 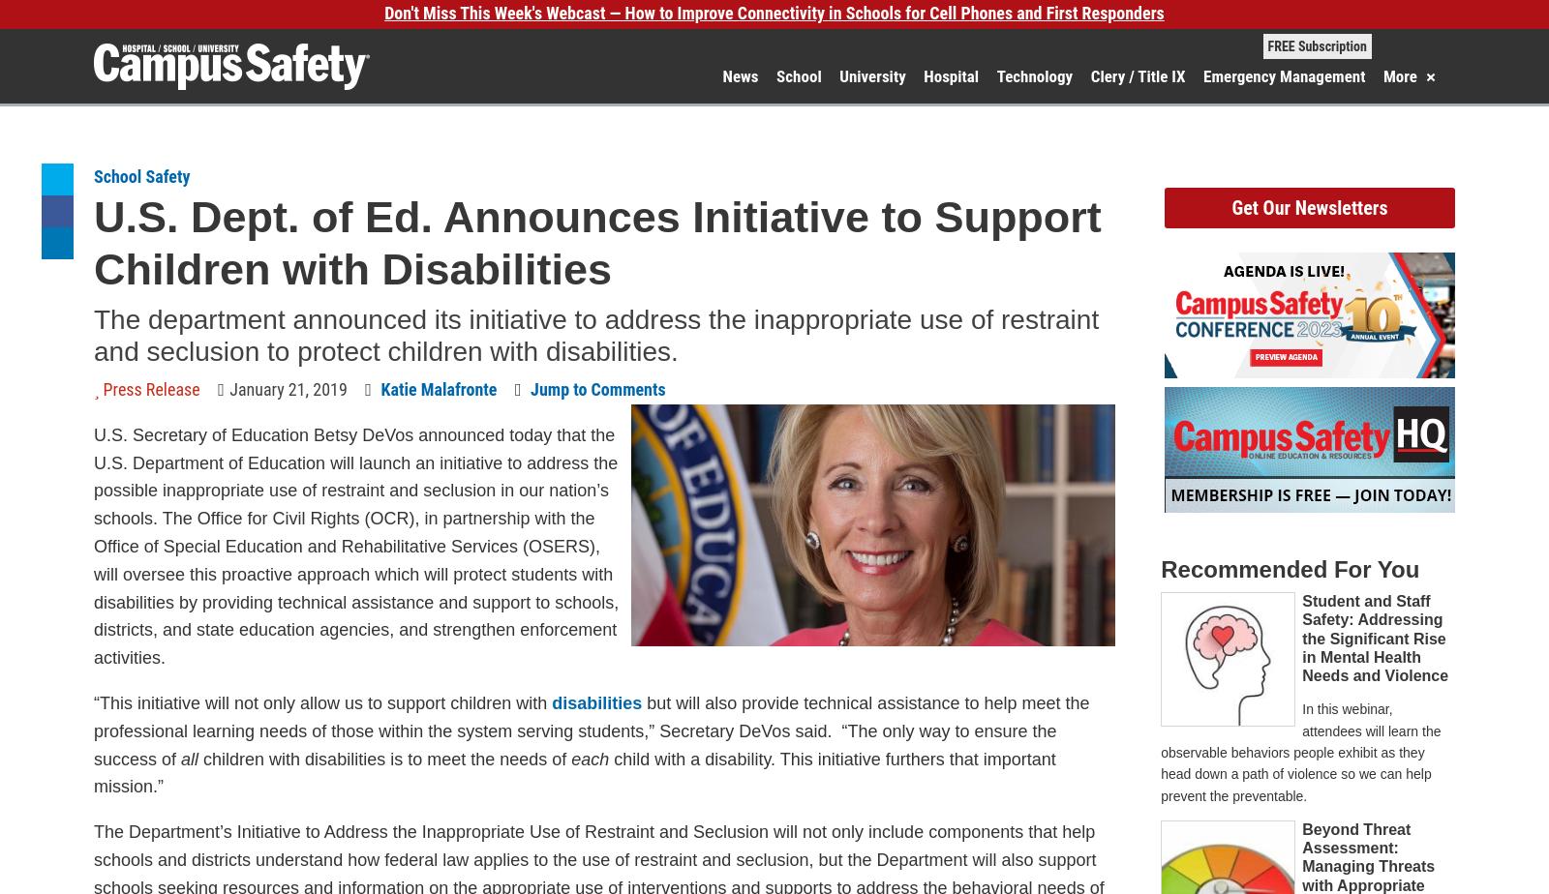 What do you see at coordinates (189, 759) in the screenshot?
I see `'all'` at bounding box center [189, 759].